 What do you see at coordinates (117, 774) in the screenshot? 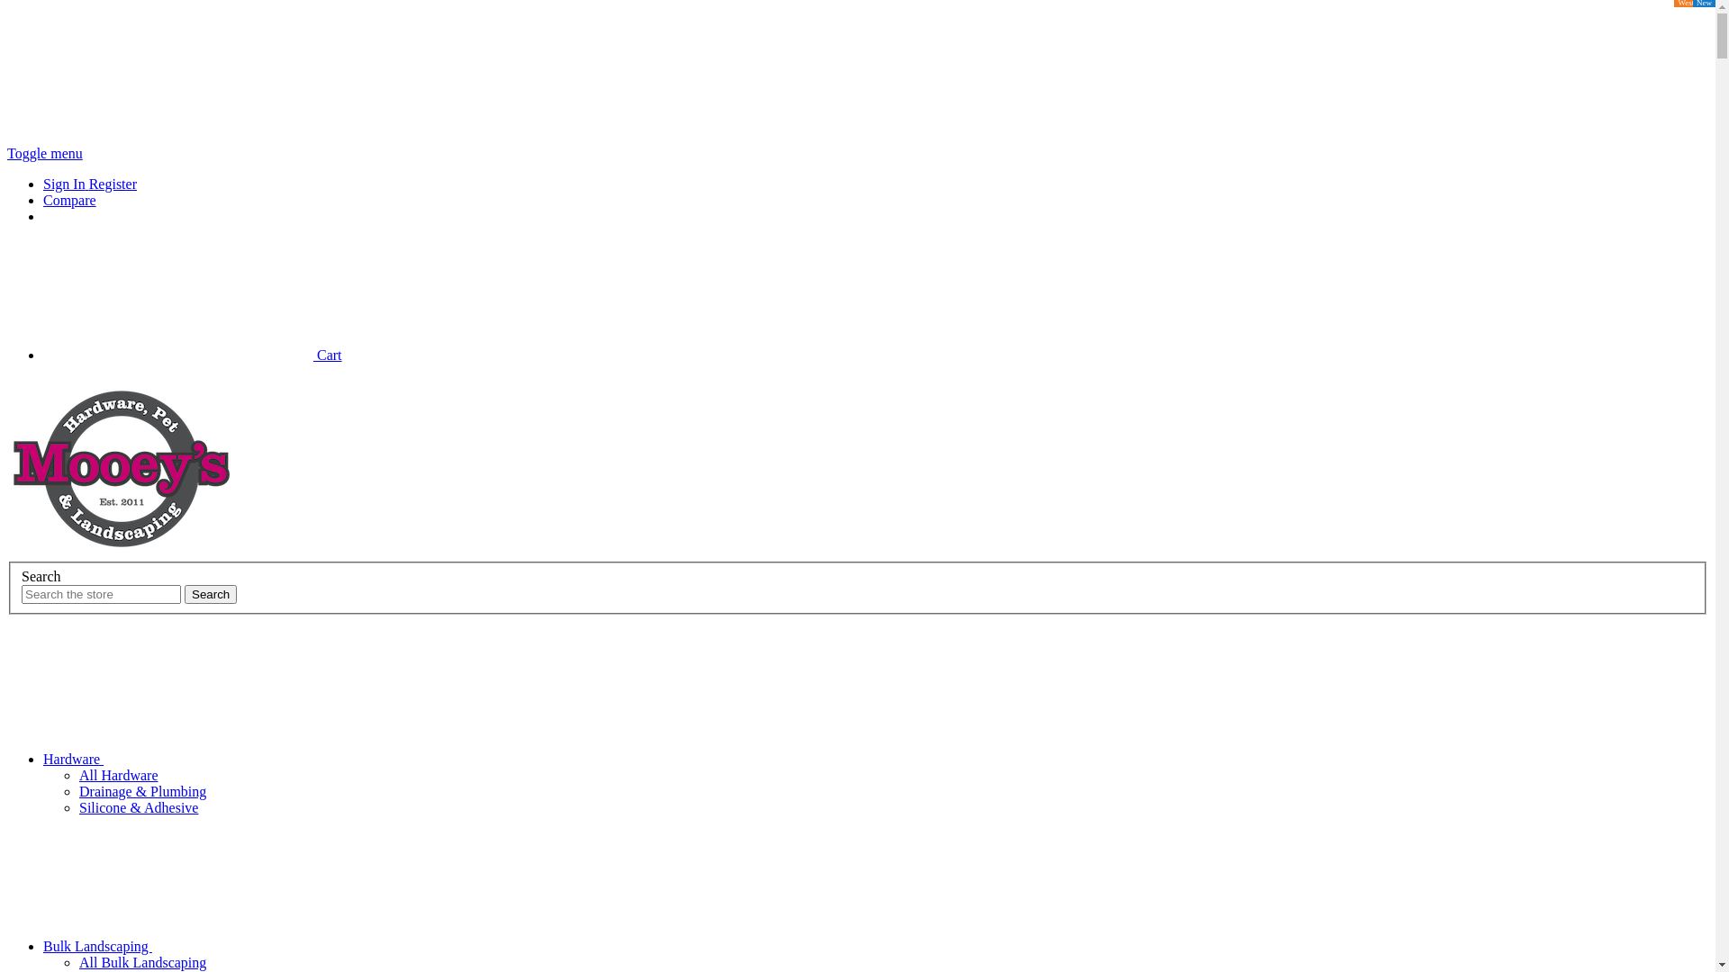
I see `'All Hardware'` at bounding box center [117, 774].